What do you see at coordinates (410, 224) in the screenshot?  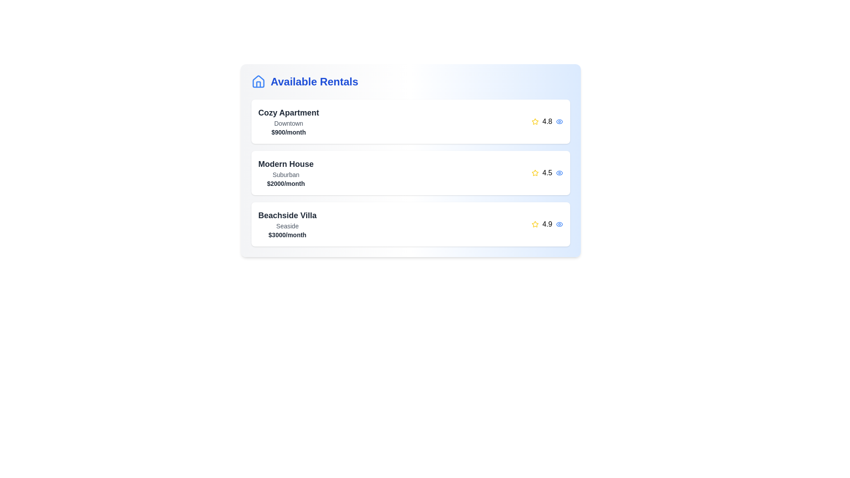 I see `the rental item corresponding to Beachside Villa` at bounding box center [410, 224].